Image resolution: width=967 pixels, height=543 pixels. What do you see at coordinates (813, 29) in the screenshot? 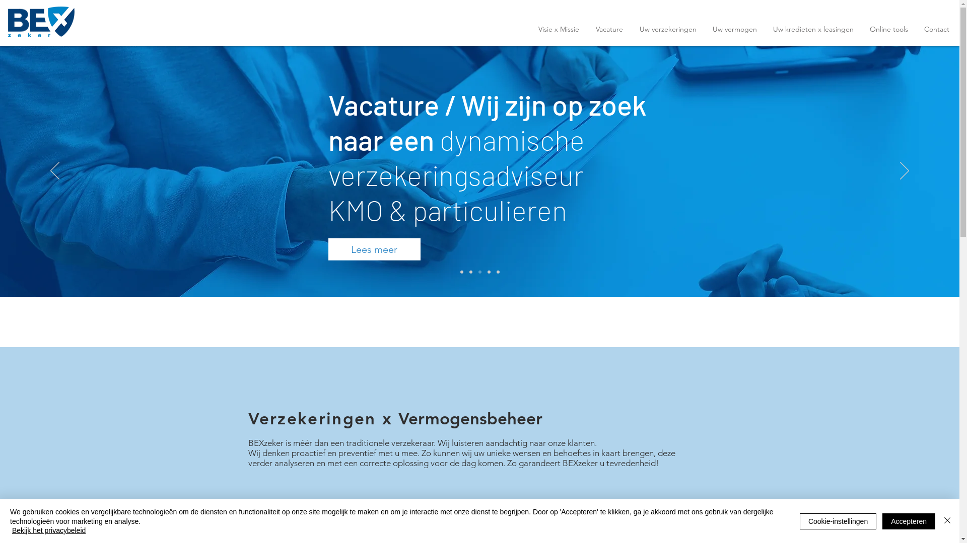
I see `'Uw kredieten x leasingen'` at bounding box center [813, 29].